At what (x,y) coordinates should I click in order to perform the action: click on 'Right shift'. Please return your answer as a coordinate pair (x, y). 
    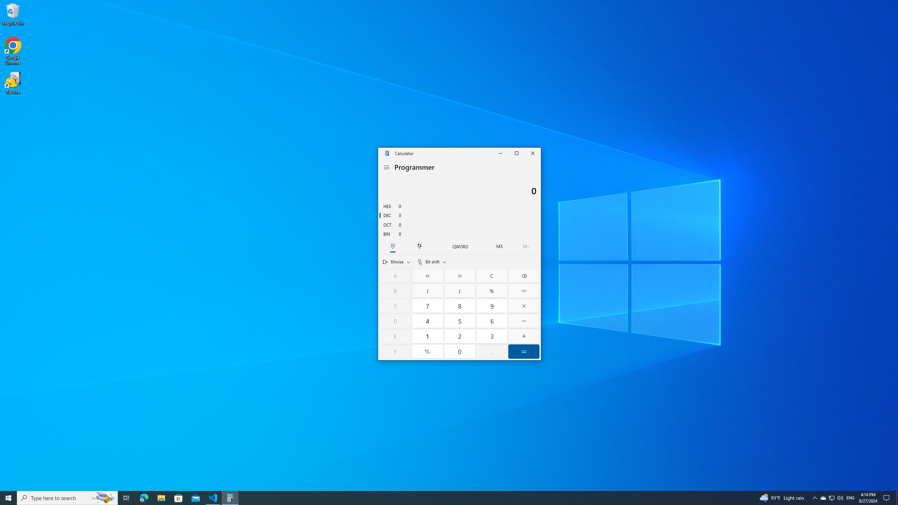
    Looking at the image, I should click on (459, 275).